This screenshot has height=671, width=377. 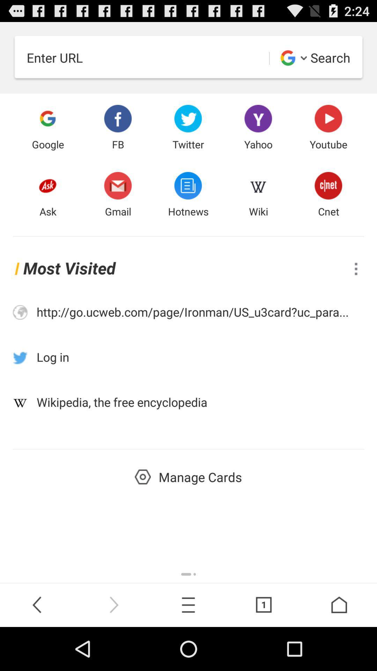 What do you see at coordinates (356, 268) in the screenshot?
I see `options to view other actions` at bounding box center [356, 268].